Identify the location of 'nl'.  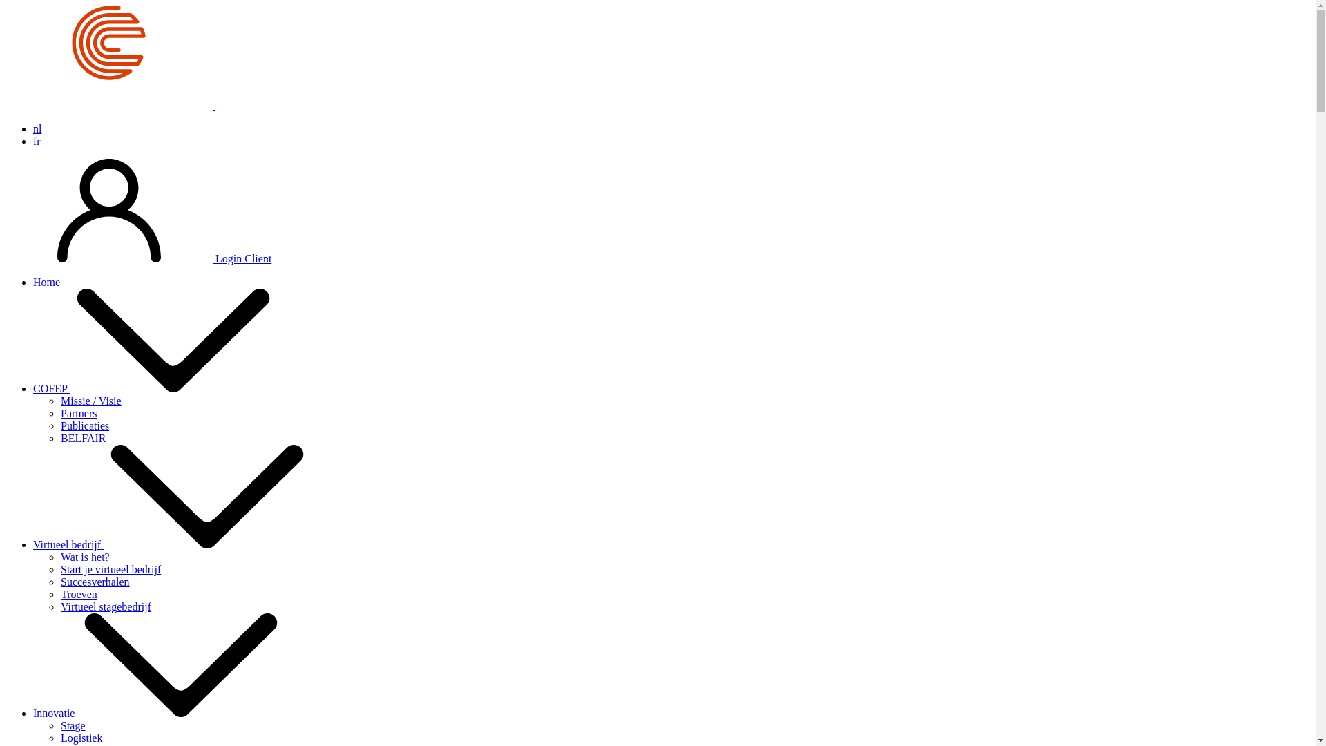
(33, 128).